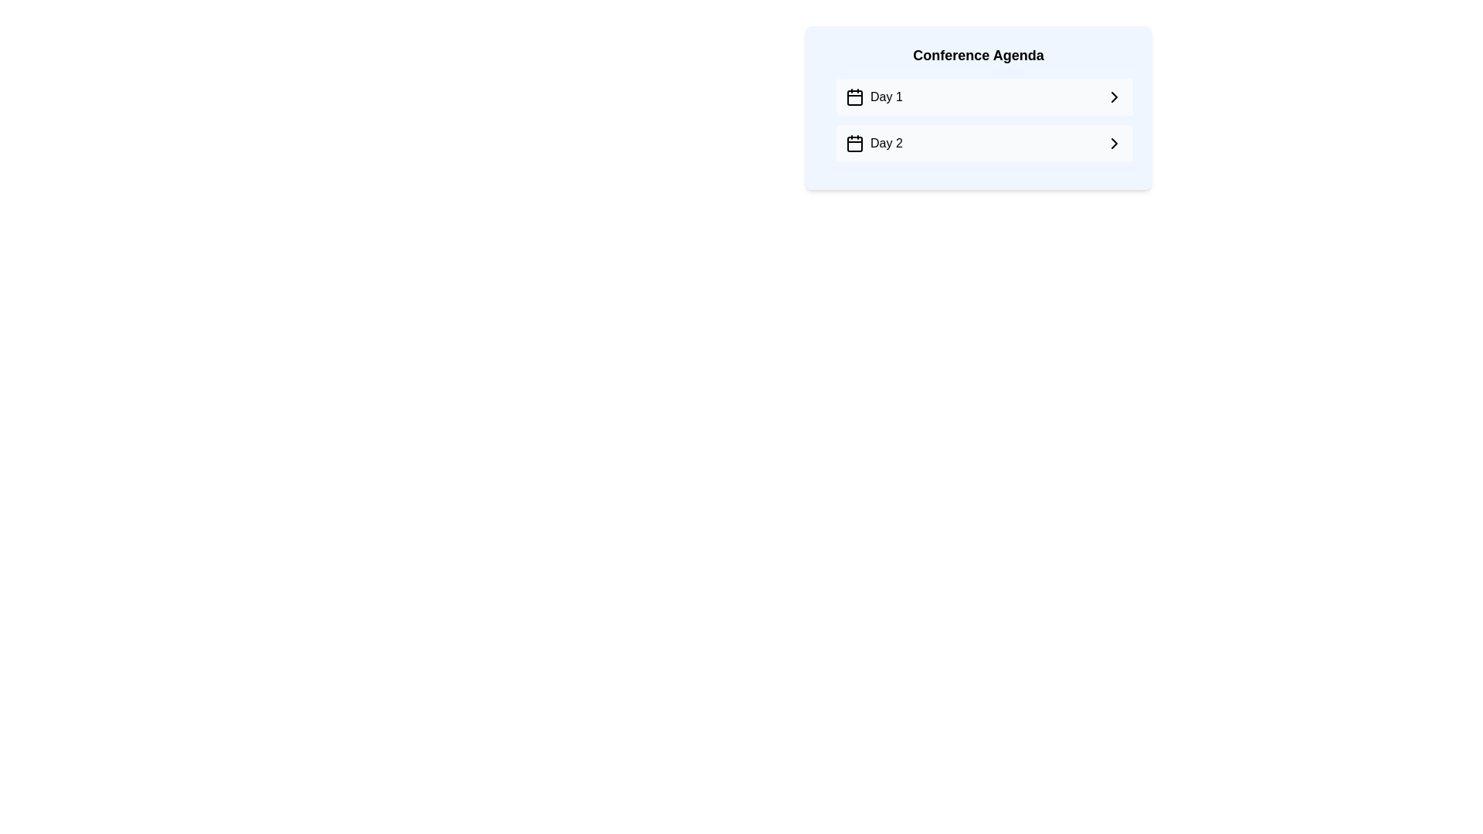 The height and width of the screenshot is (834, 1483). I want to click on the decorative element of the 'lucide-calendar' SVG icon, which is positioned at the top-left corner of the icon, enhancing the text 'Day 1' in the Conference Agenda section, so click(854, 98).